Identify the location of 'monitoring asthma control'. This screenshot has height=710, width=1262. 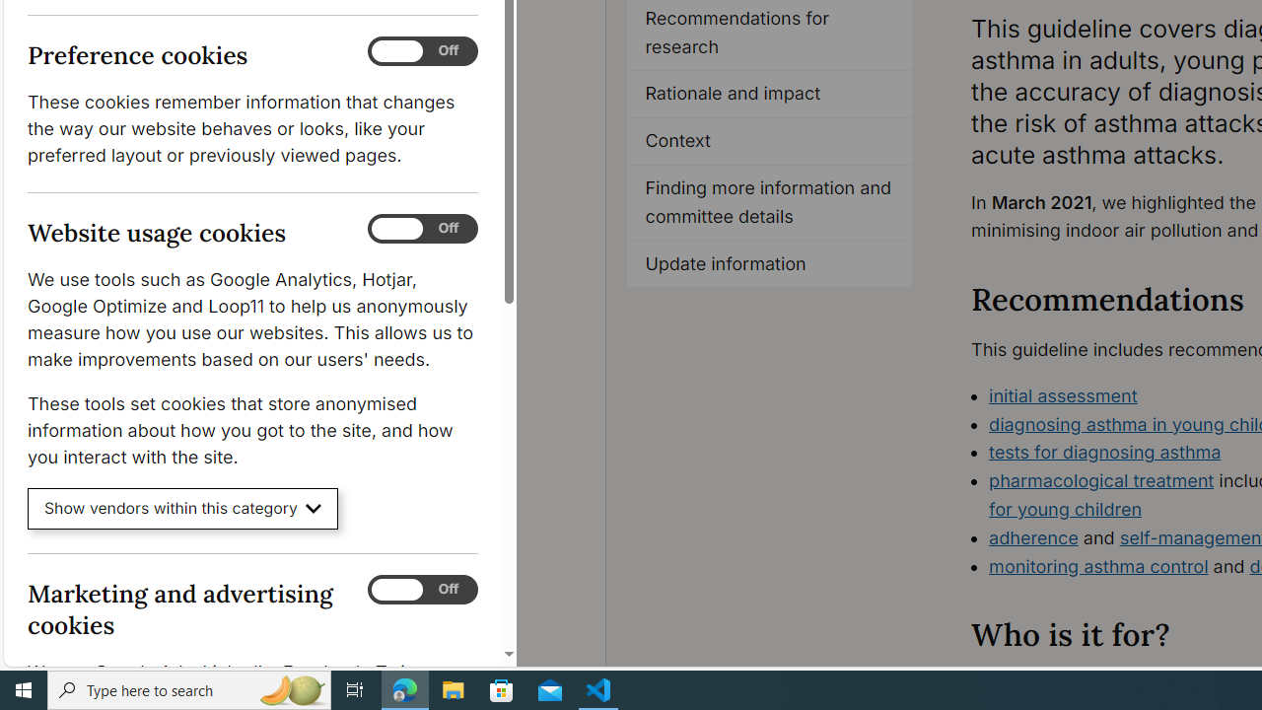
(1097, 565).